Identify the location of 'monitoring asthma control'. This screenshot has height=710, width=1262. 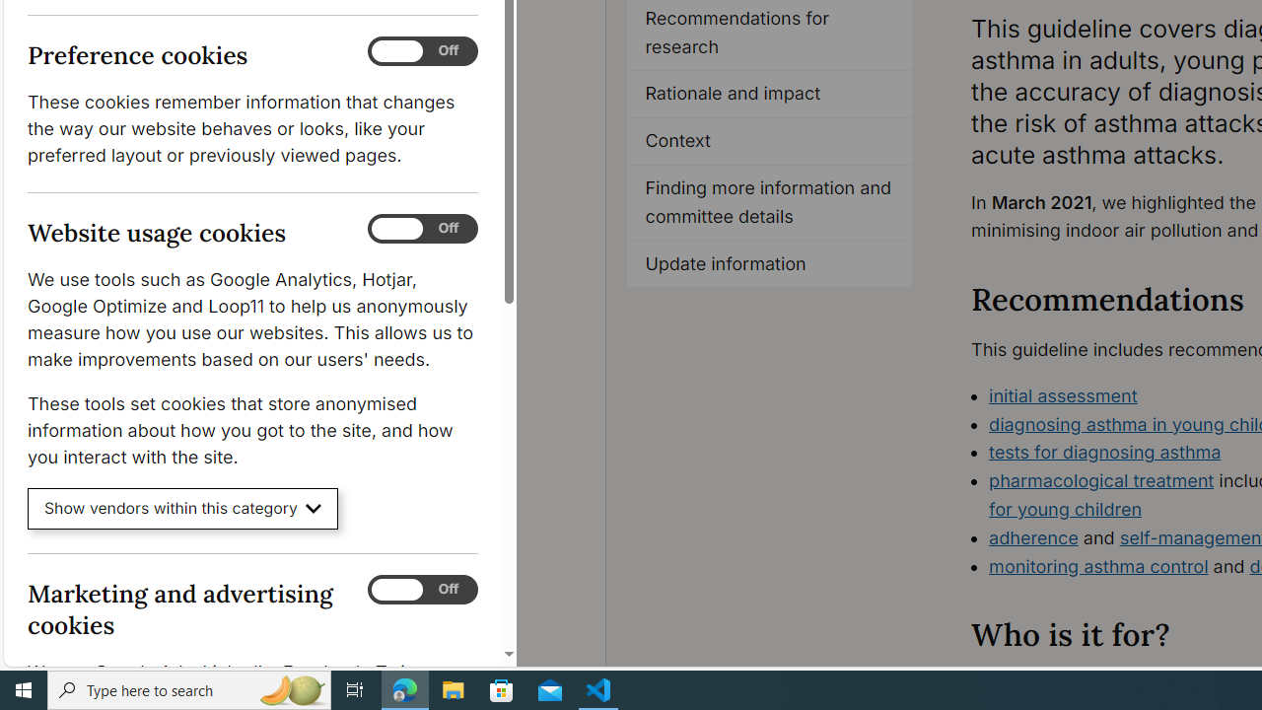
(1097, 565).